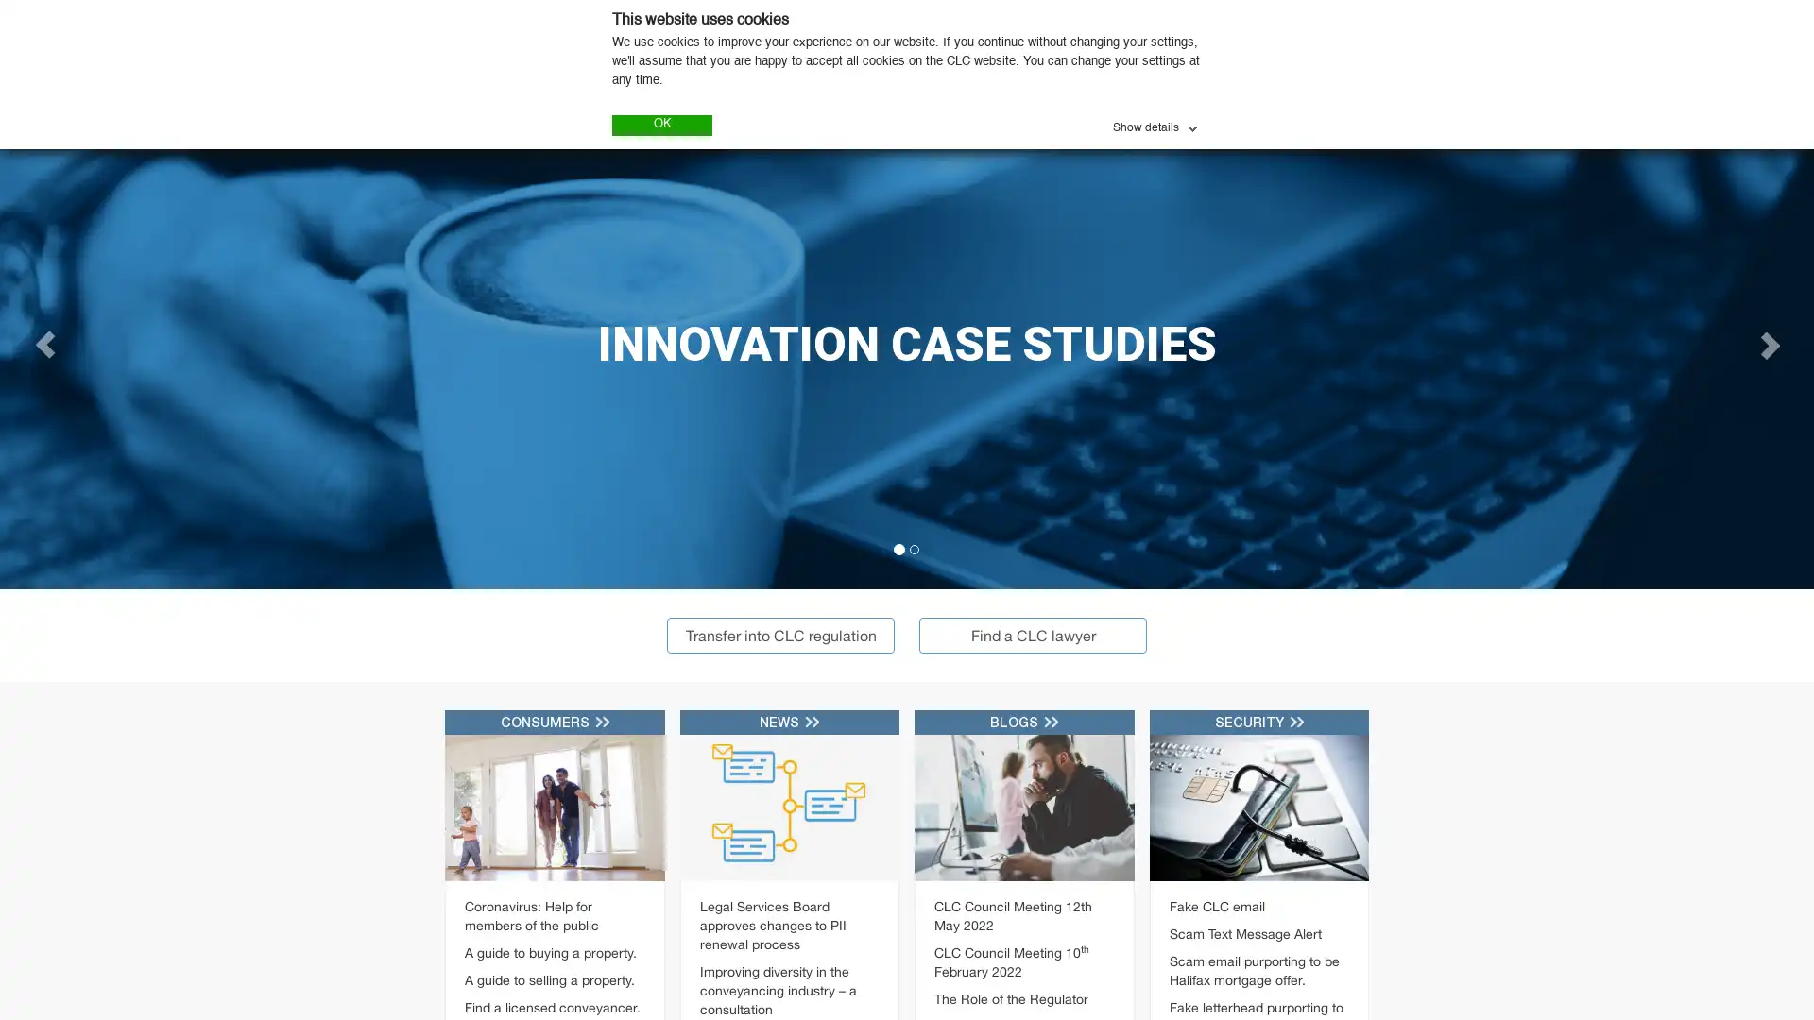 The height and width of the screenshot is (1020, 1814). Describe the element at coordinates (1032, 634) in the screenshot. I see `Find a CLC lawyer` at that location.